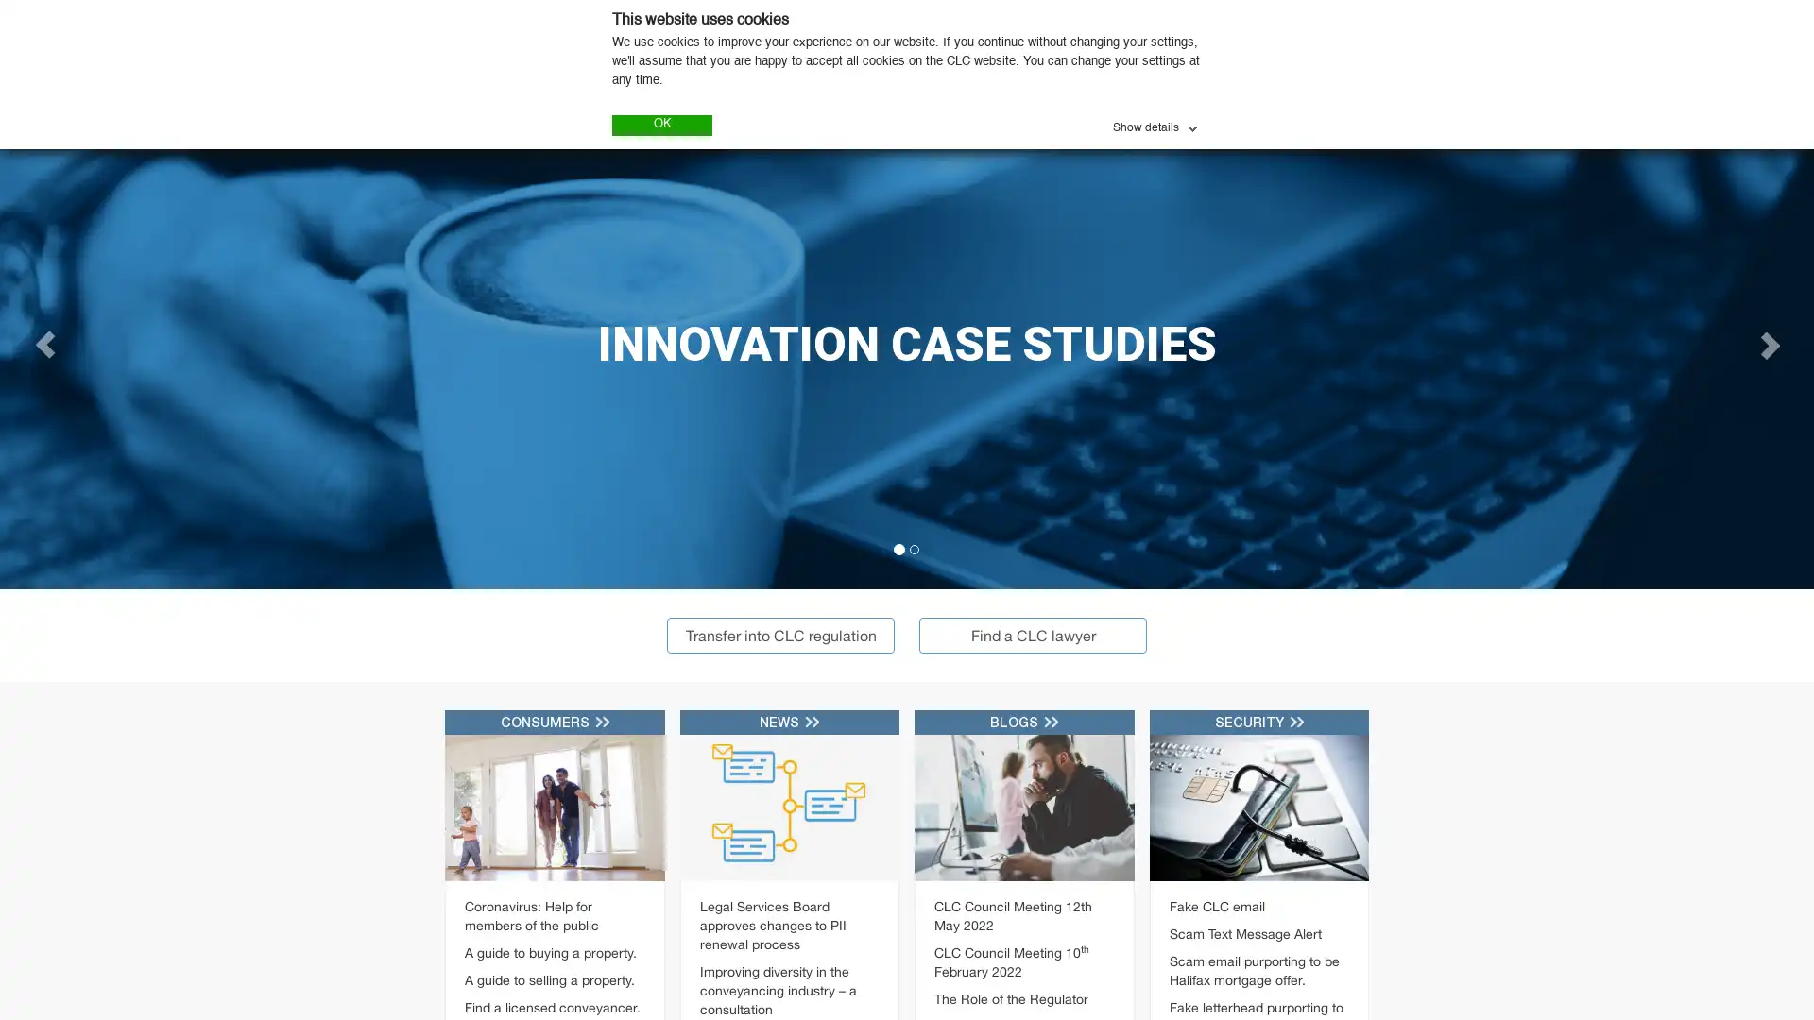 The height and width of the screenshot is (1020, 1814). Describe the element at coordinates (1032, 634) in the screenshot. I see `Find a CLC lawyer` at that location.